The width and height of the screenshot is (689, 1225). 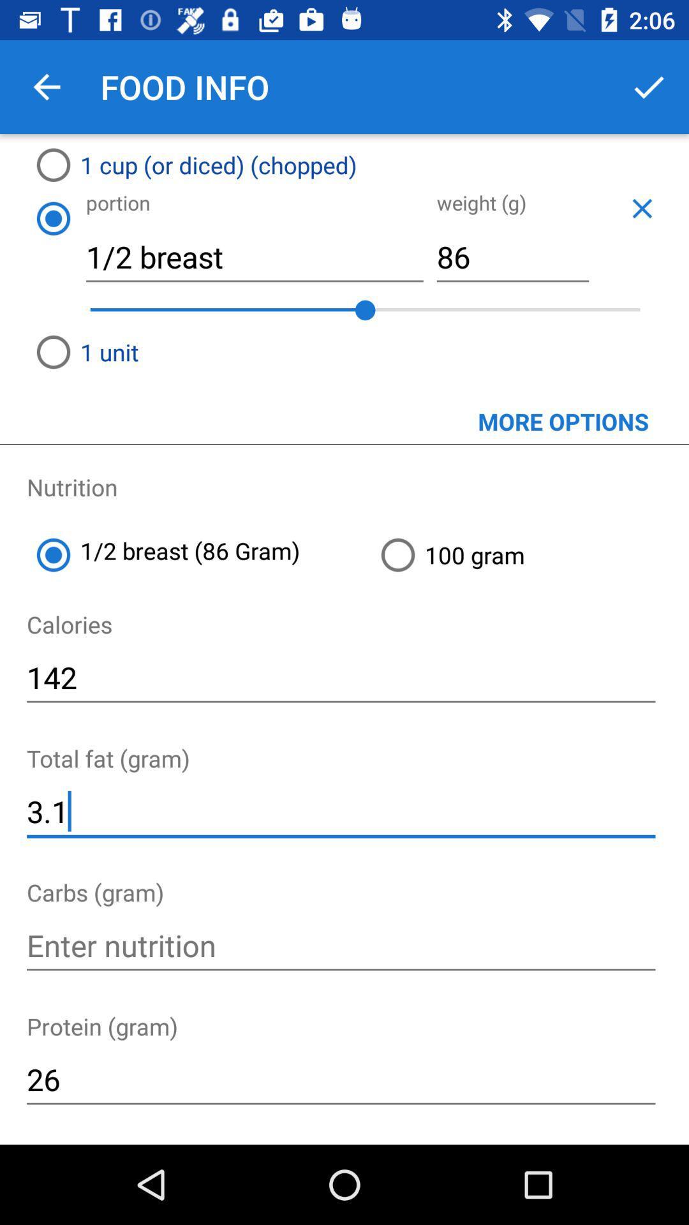 I want to click on carbs value, so click(x=340, y=946).